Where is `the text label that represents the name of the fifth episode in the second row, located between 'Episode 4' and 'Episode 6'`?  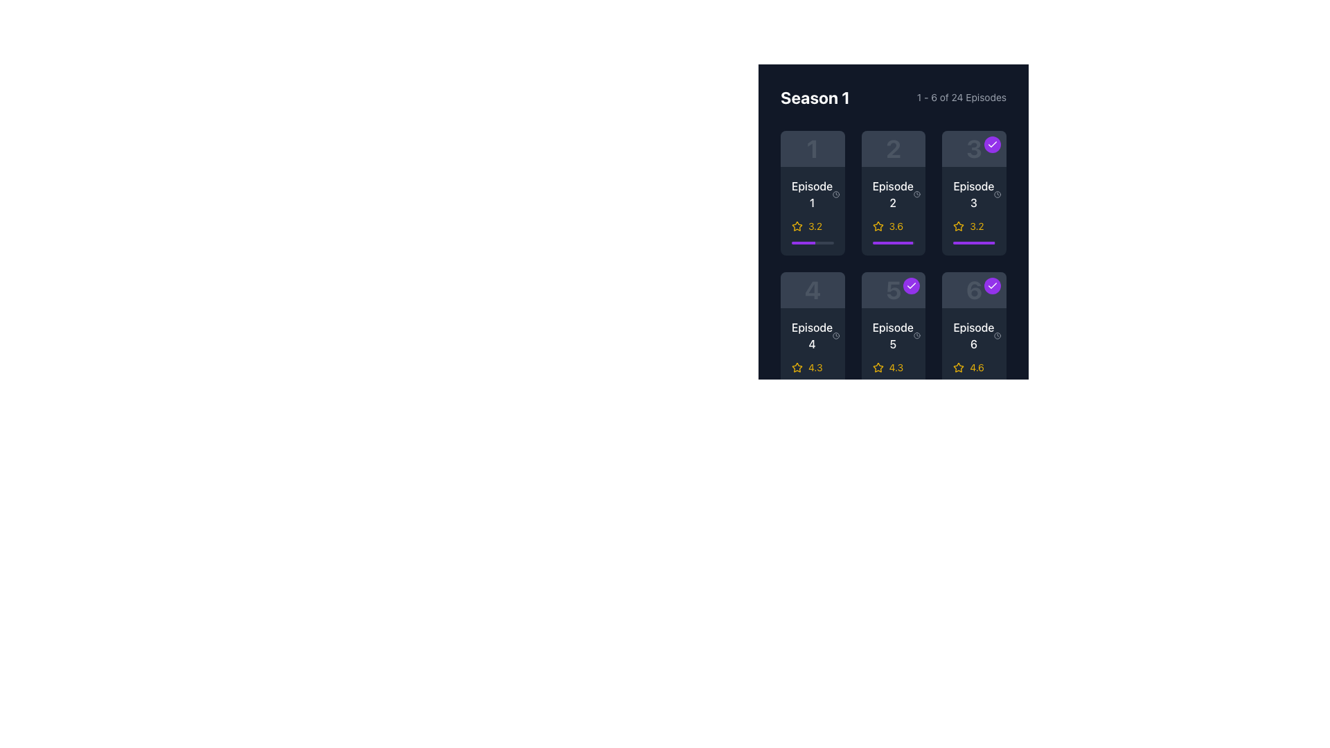 the text label that represents the name of the fifth episode in the second row, located between 'Episode 4' and 'Episode 6' is located at coordinates (894, 336).